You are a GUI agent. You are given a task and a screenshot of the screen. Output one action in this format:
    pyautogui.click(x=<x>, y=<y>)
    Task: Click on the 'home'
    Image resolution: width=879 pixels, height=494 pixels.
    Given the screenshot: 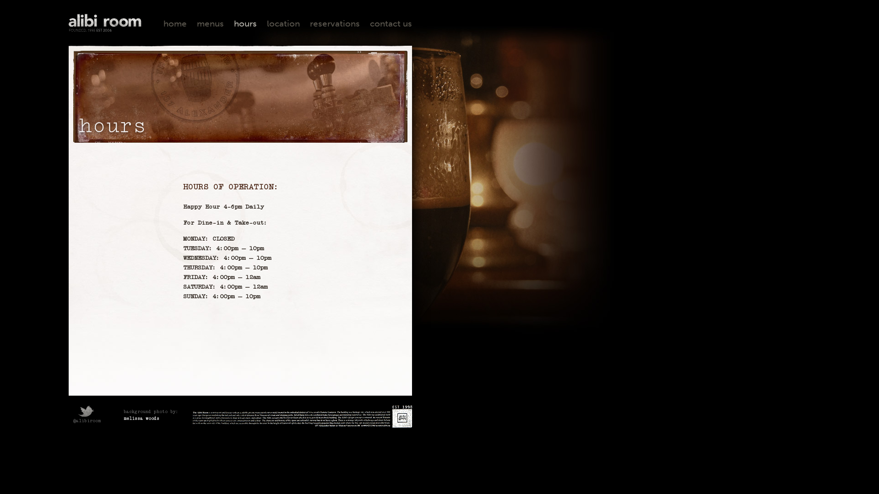 What is the action you would take?
    pyautogui.click(x=175, y=23)
    